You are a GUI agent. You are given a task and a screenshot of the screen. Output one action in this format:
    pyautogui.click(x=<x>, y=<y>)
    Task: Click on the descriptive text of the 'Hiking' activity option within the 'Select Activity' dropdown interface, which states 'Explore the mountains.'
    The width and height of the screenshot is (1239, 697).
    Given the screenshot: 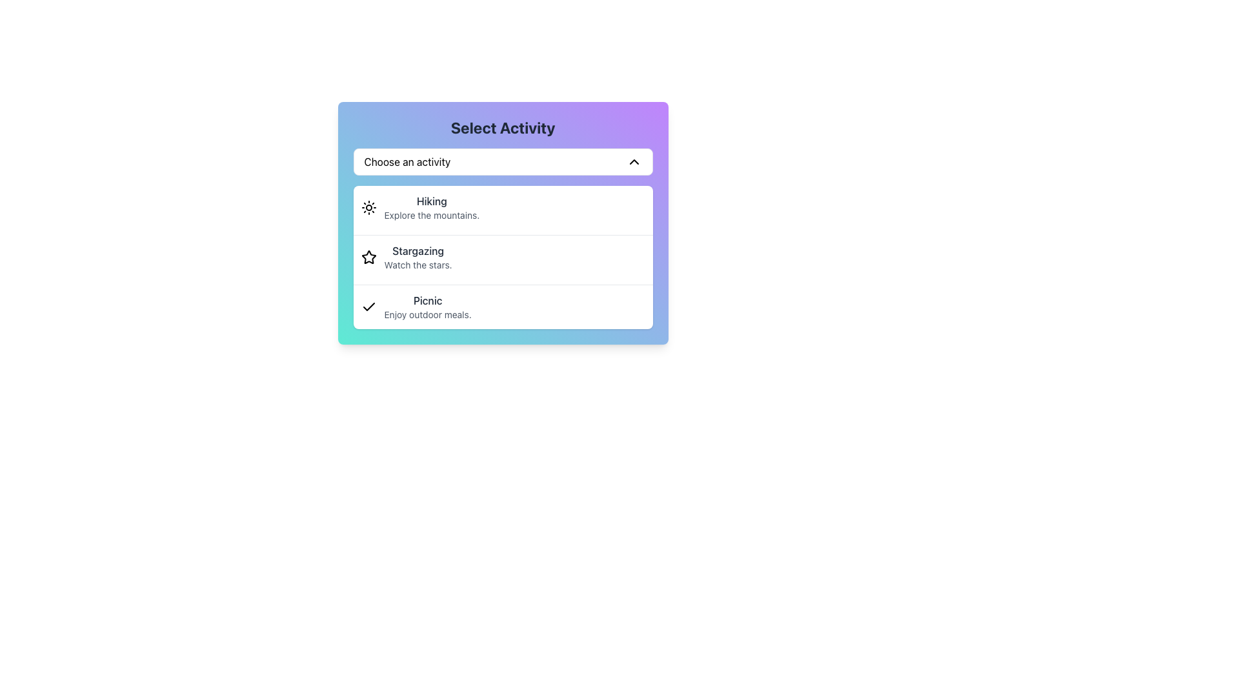 What is the action you would take?
    pyautogui.click(x=432, y=207)
    